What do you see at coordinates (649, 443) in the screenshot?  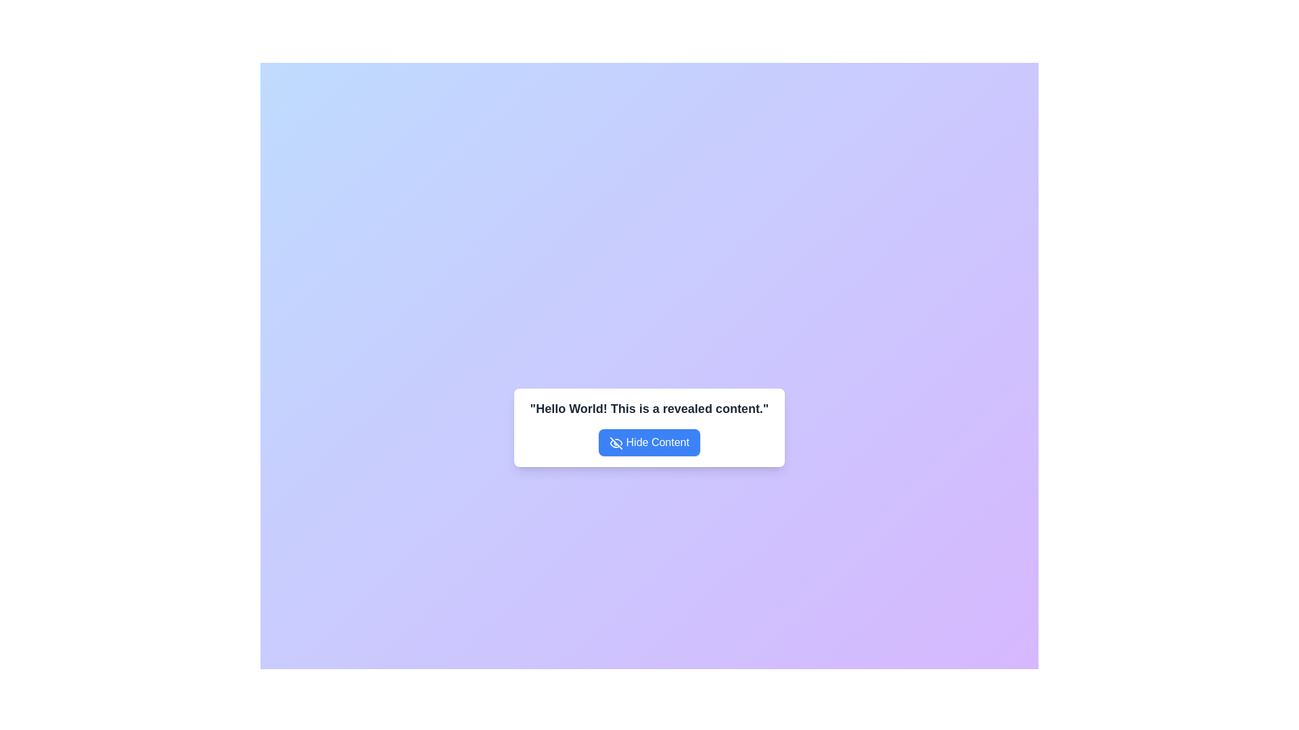 I see `the blue button labeled 'Hide Content' with a small eye-off icon to hide the content displayed above it` at bounding box center [649, 443].